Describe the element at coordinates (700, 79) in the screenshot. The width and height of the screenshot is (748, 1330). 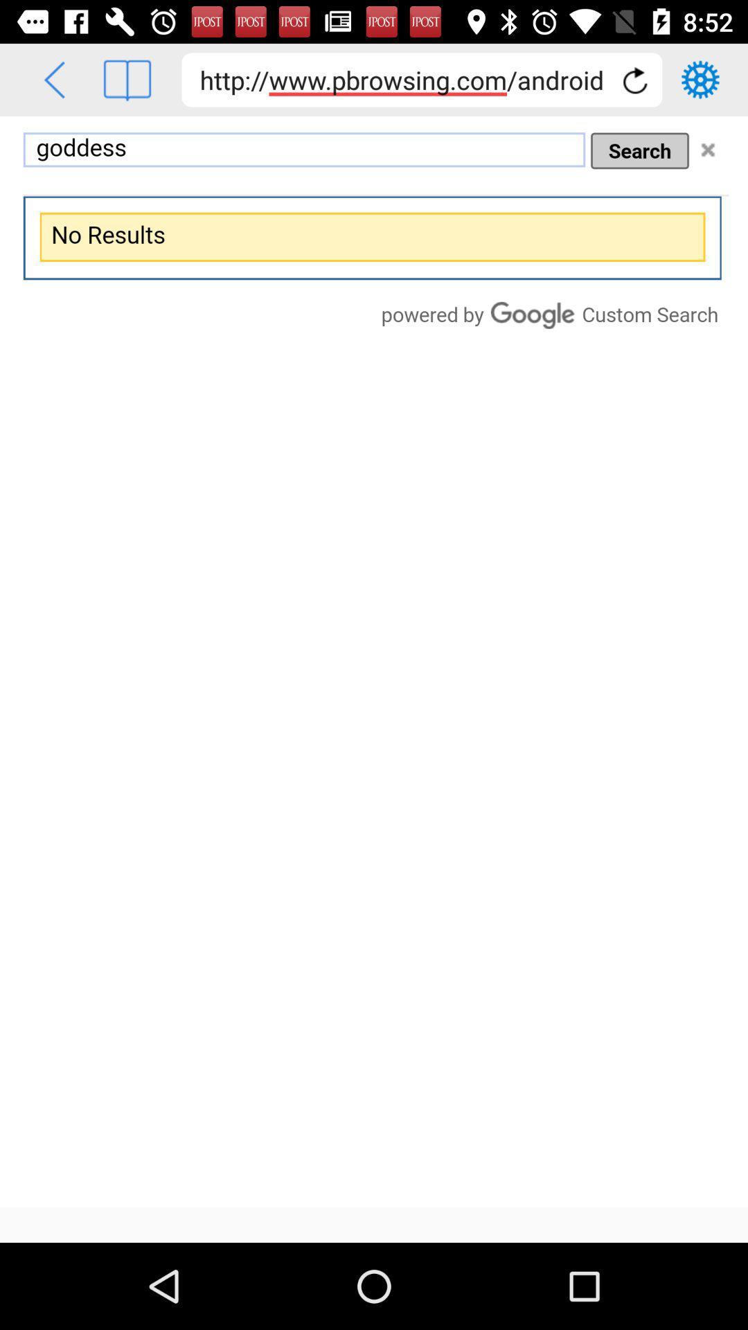
I see `settings option` at that location.